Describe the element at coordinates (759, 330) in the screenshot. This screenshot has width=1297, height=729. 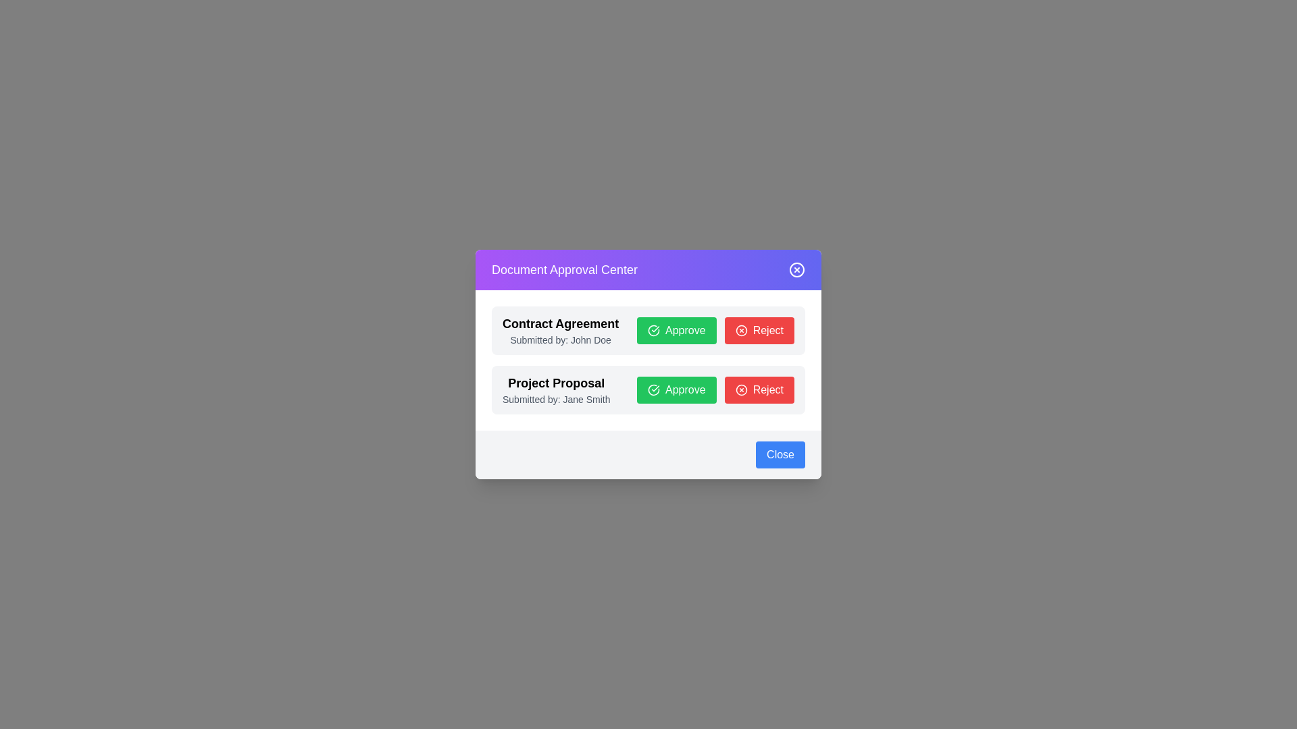
I see `the reject button located to the right of the green 'Approve' button in the 'Contract Agreement' section` at that location.